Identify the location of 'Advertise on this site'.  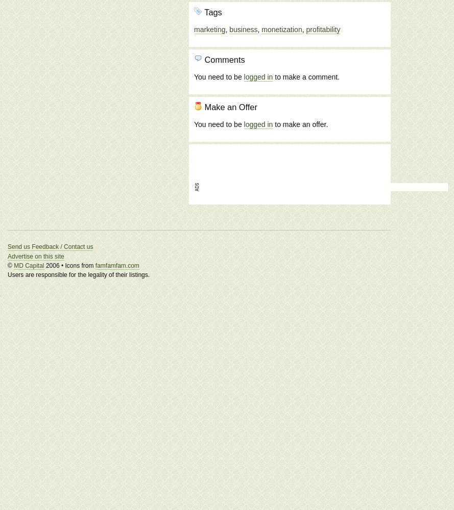
(8, 256).